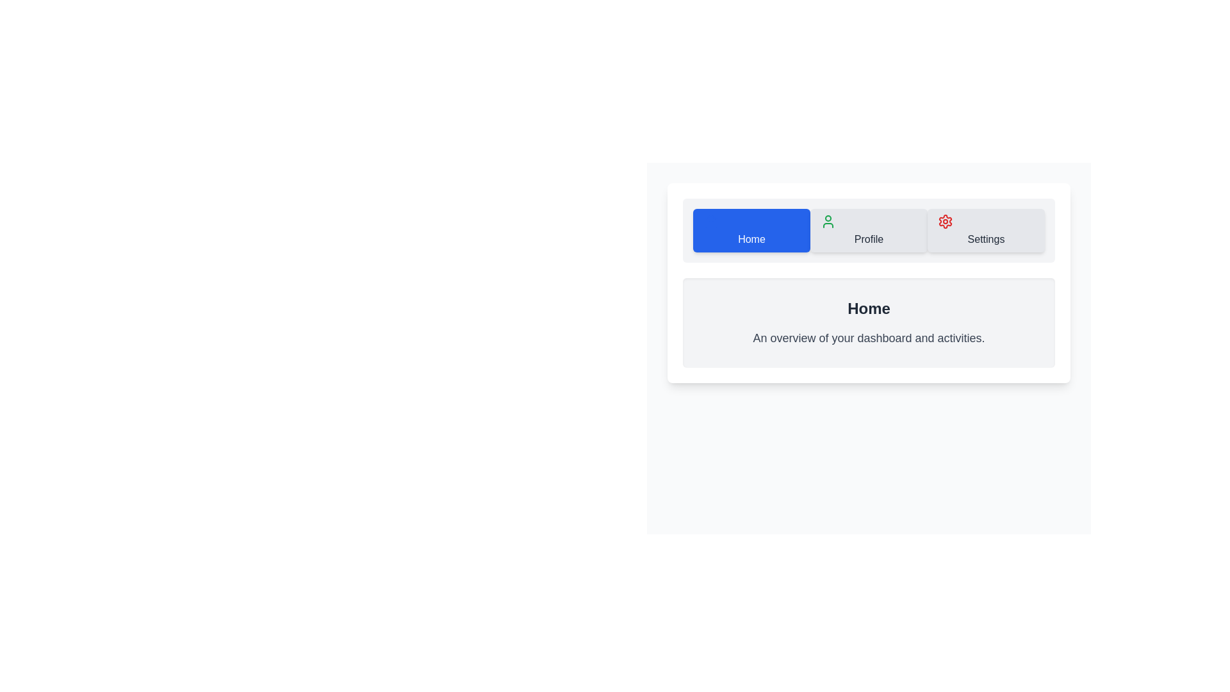 The height and width of the screenshot is (692, 1230). Describe the element at coordinates (869, 338) in the screenshot. I see `the text 'An overview of your dashboard and activities.'` at that location.